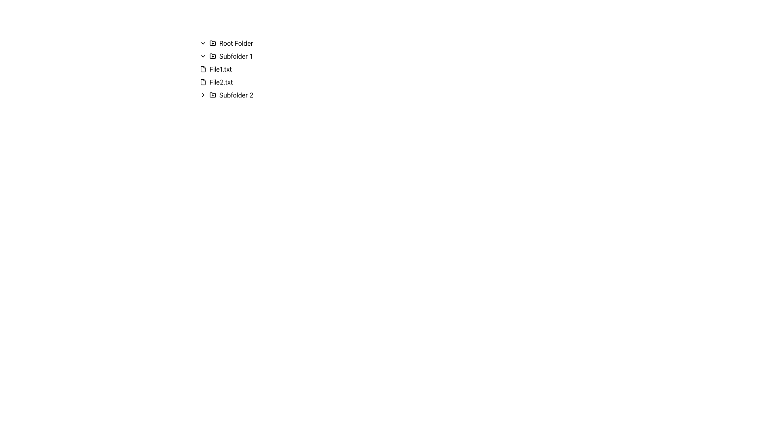 The image size is (777, 437). I want to click on the small, square-shaped file icon with a folded page corner, located to the left of 'File2.txt' in the list under 'Subfolder 1', so click(203, 82).